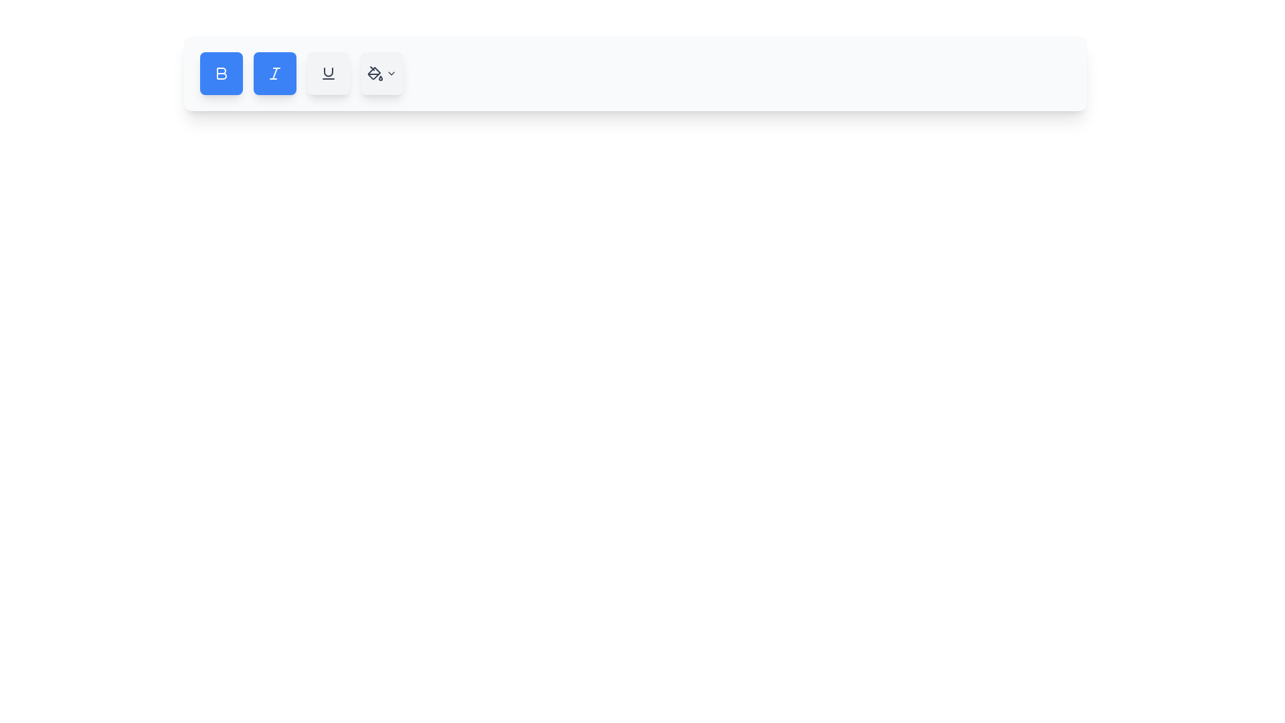 The width and height of the screenshot is (1285, 723). Describe the element at coordinates (381, 74) in the screenshot. I see `the fifth button in the toolbar that allows color selection` at that location.